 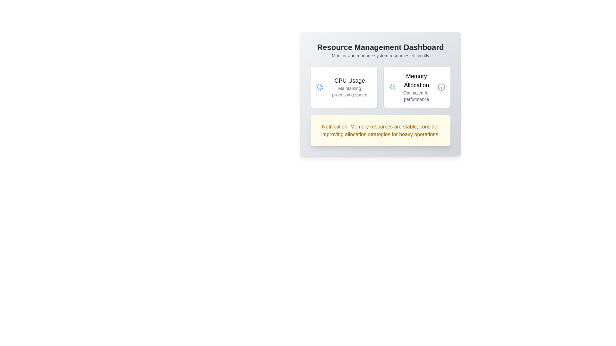 I want to click on the circular shape of the 'info' icon located at the top-right corner of the 'Memory Allocation' section within the resource management dashboard, so click(x=441, y=87).